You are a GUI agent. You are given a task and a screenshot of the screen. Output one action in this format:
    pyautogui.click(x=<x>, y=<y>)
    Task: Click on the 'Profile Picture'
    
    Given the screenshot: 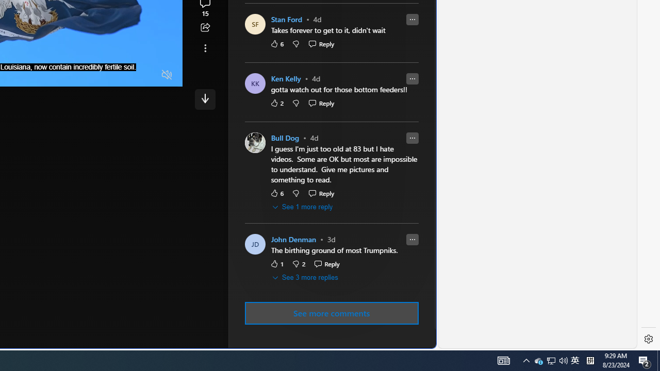 What is the action you would take?
    pyautogui.click(x=255, y=244)
    